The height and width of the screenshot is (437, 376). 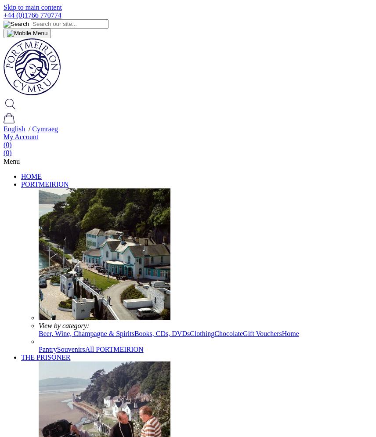 I want to click on 'HOME', so click(x=31, y=176).